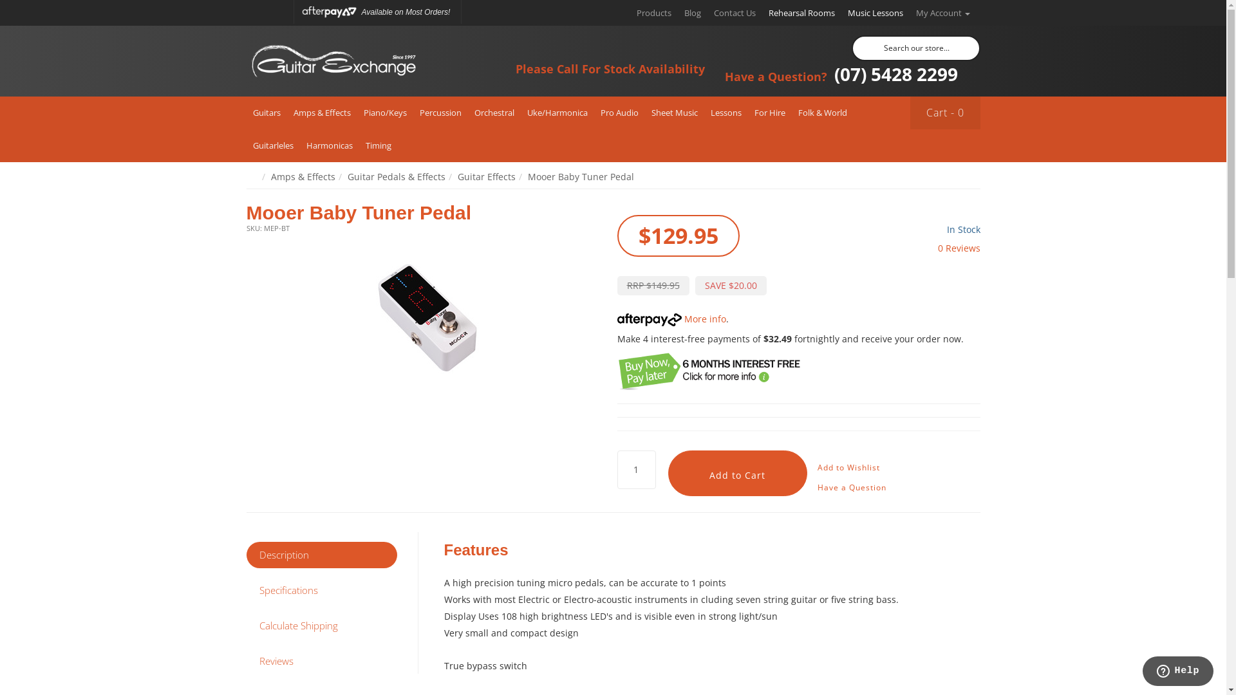 The height and width of the screenshot is (695, 1236). Describe the element at coordinates (945, 112) in the screenshot. I see `'Cart - 0'` at that location.